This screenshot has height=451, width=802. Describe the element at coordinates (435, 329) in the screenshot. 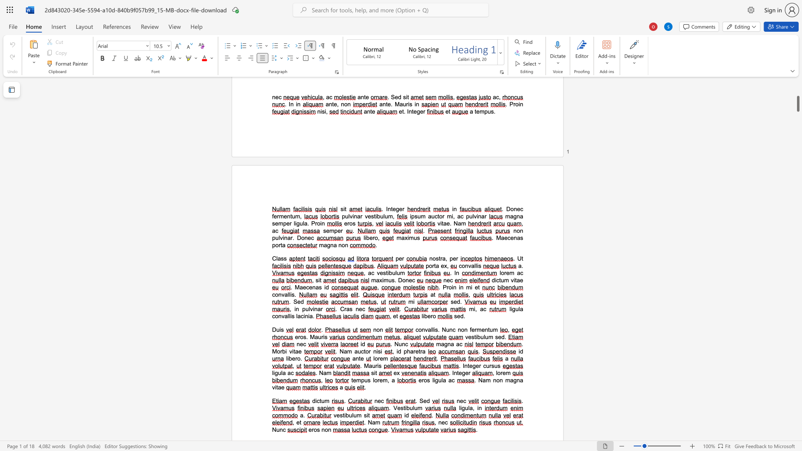

I see `the space between the continuous character "i" and "s" in the text` at that location.